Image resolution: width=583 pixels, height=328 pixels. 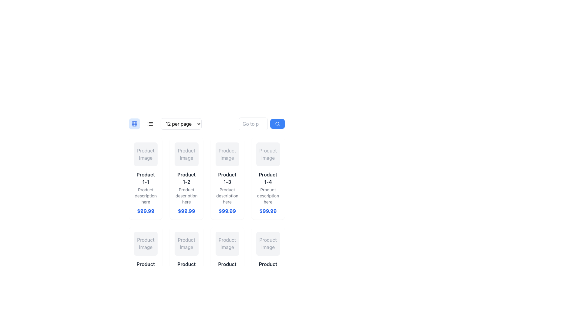 What do you see at coordinates (277, 124) in the screenshot?
I see `the submit button located to the right of the 'Go to page' input box for keyboard accessibility` at bounding box center [277, 124].